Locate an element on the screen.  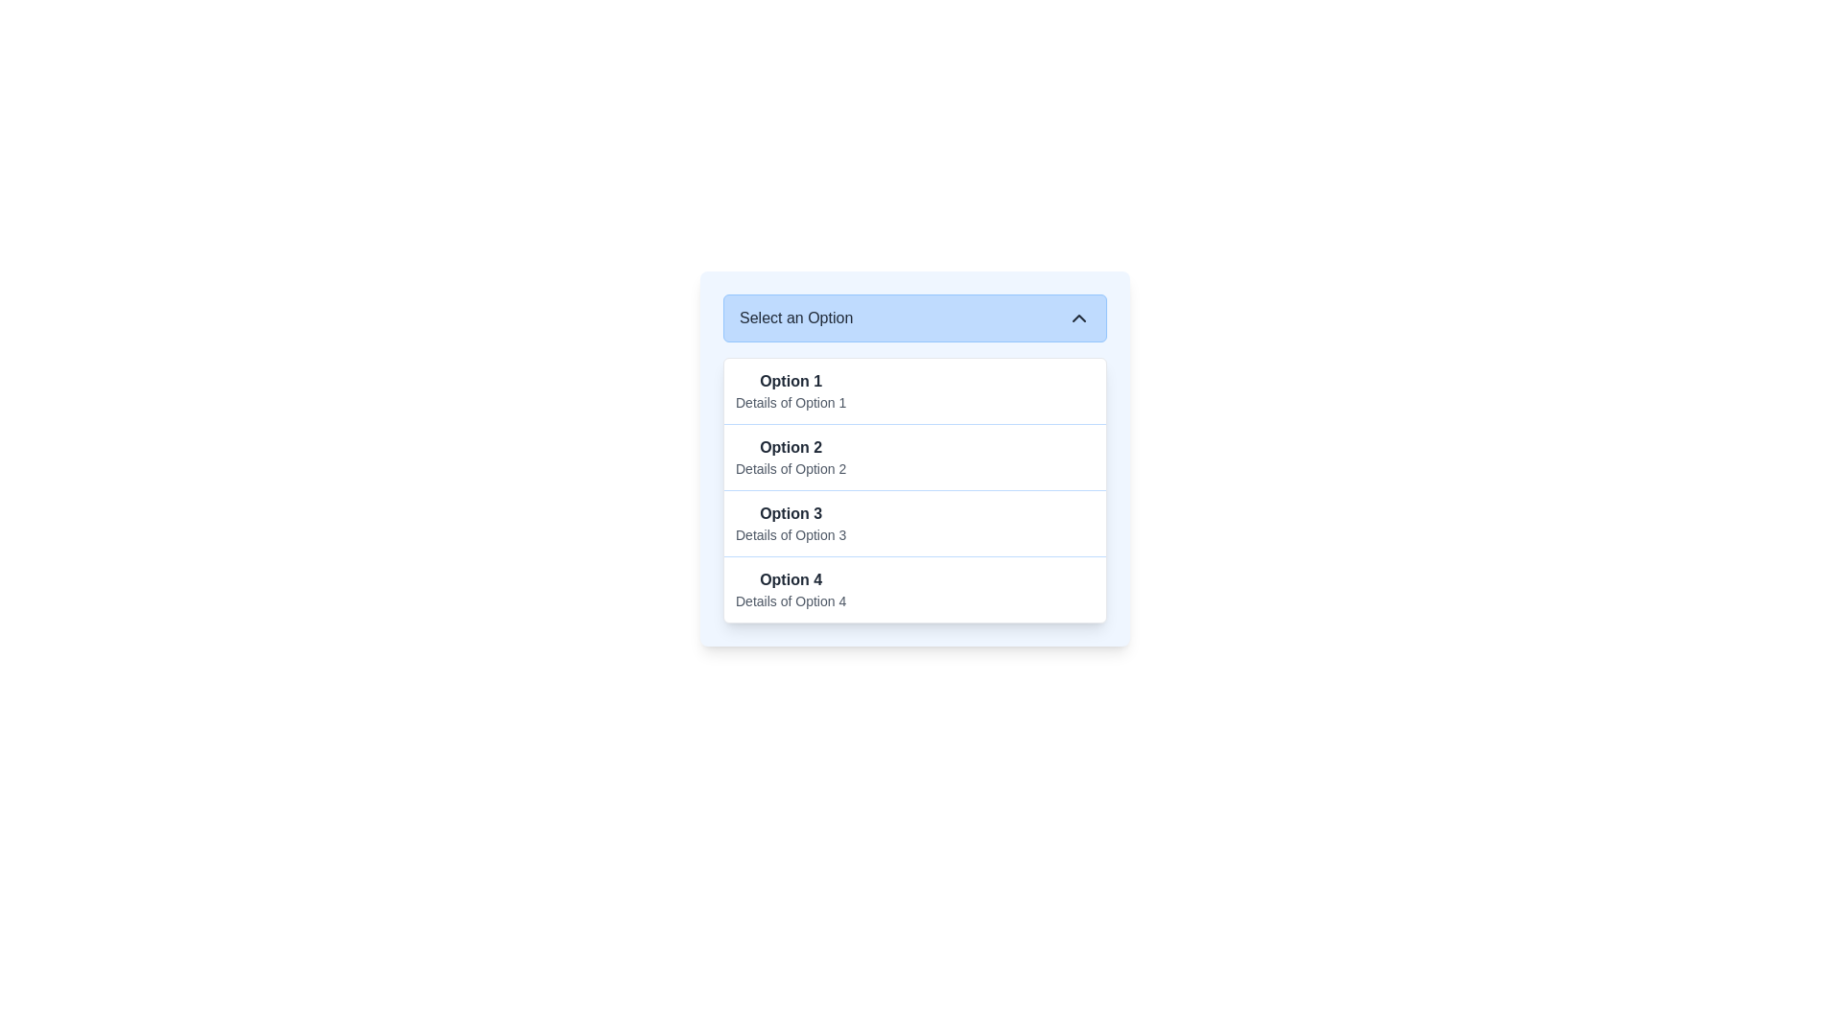
the 'Option 3' list item in the dropdown menu is located at coordinates (791, 524).